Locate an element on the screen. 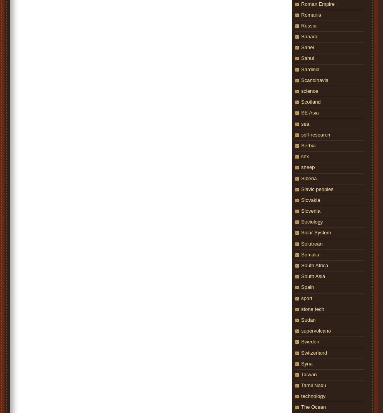 The image size is (383, 413). 'Roman Empire' is located at coordinates (317, 3).